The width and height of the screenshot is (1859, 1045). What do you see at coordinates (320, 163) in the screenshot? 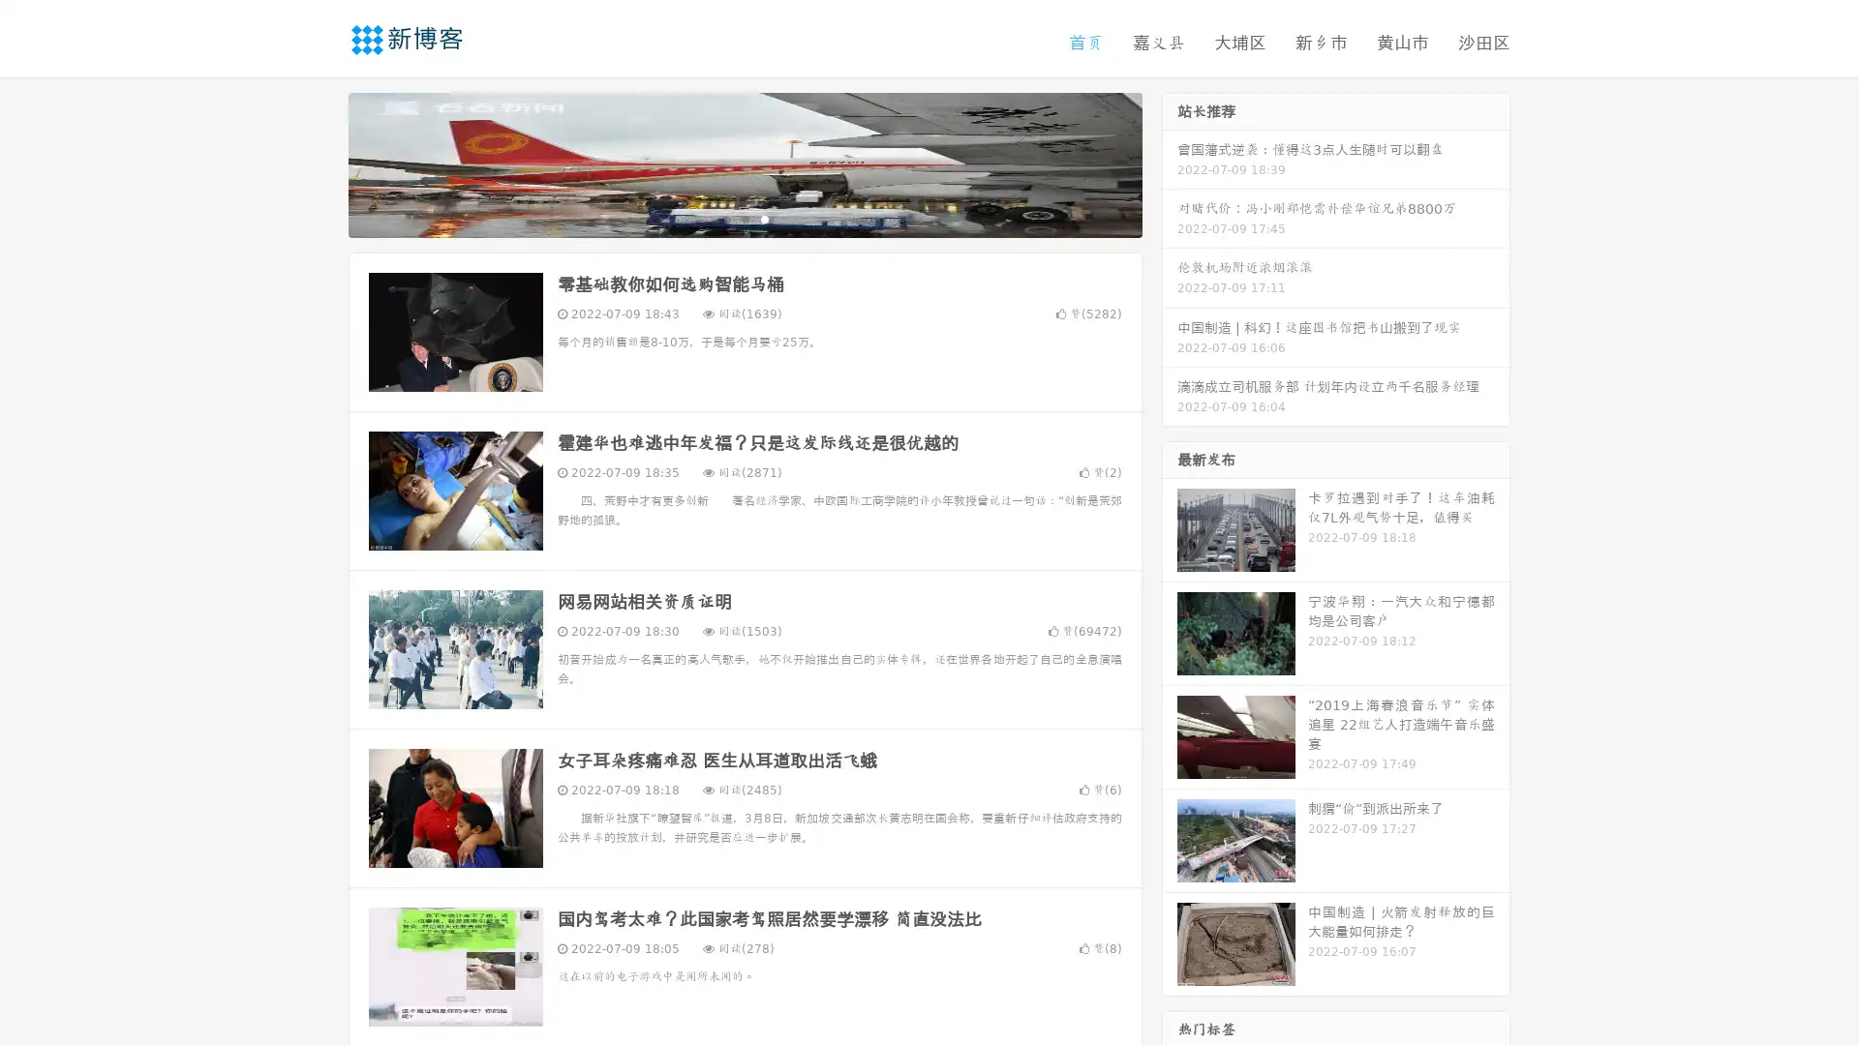
I see `Previous slide` at bounding box center [320, 163].